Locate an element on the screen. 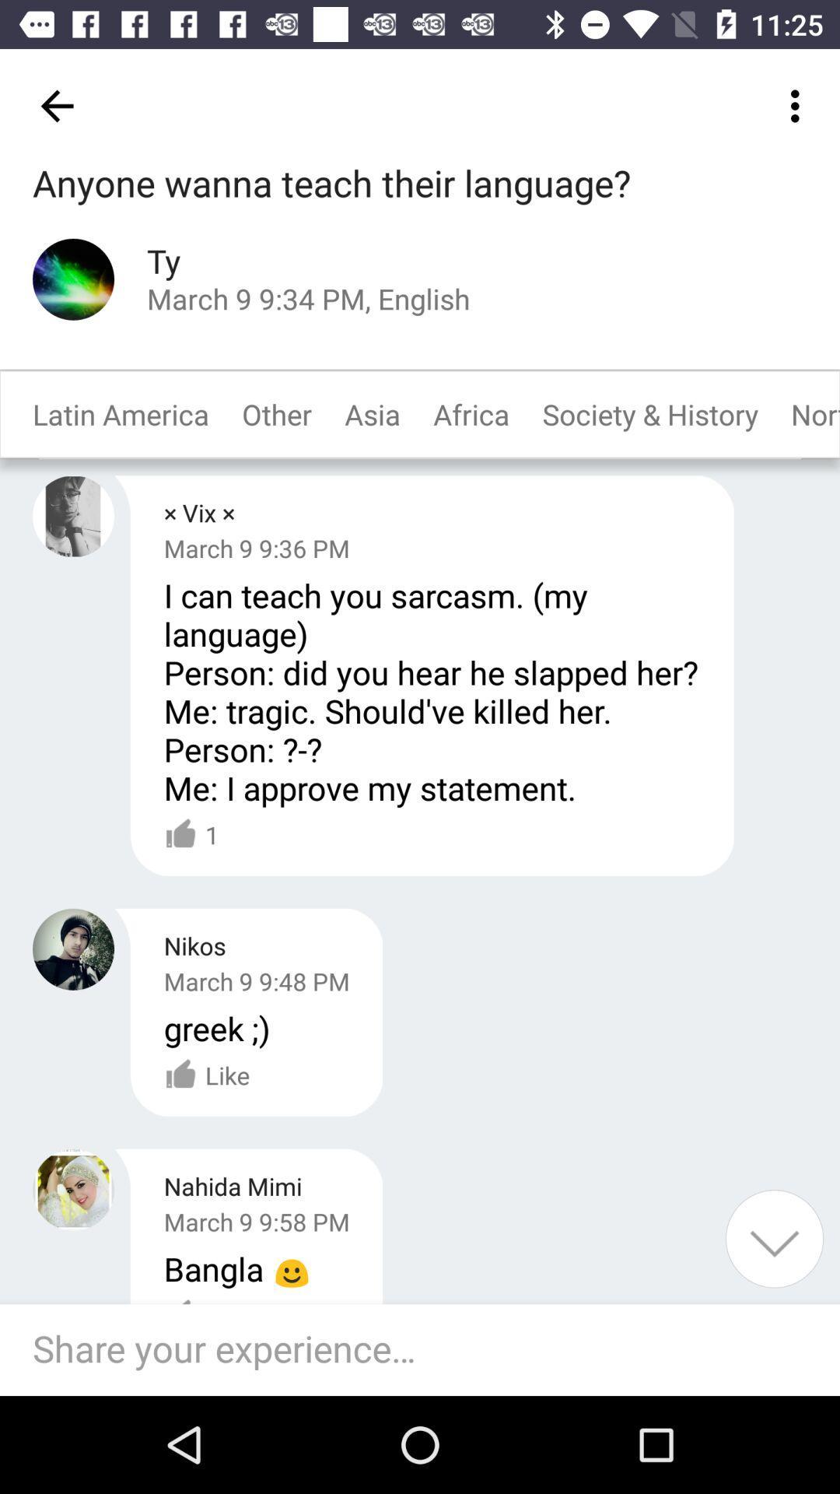  comment your experience is located at coordinates (428, 1349).